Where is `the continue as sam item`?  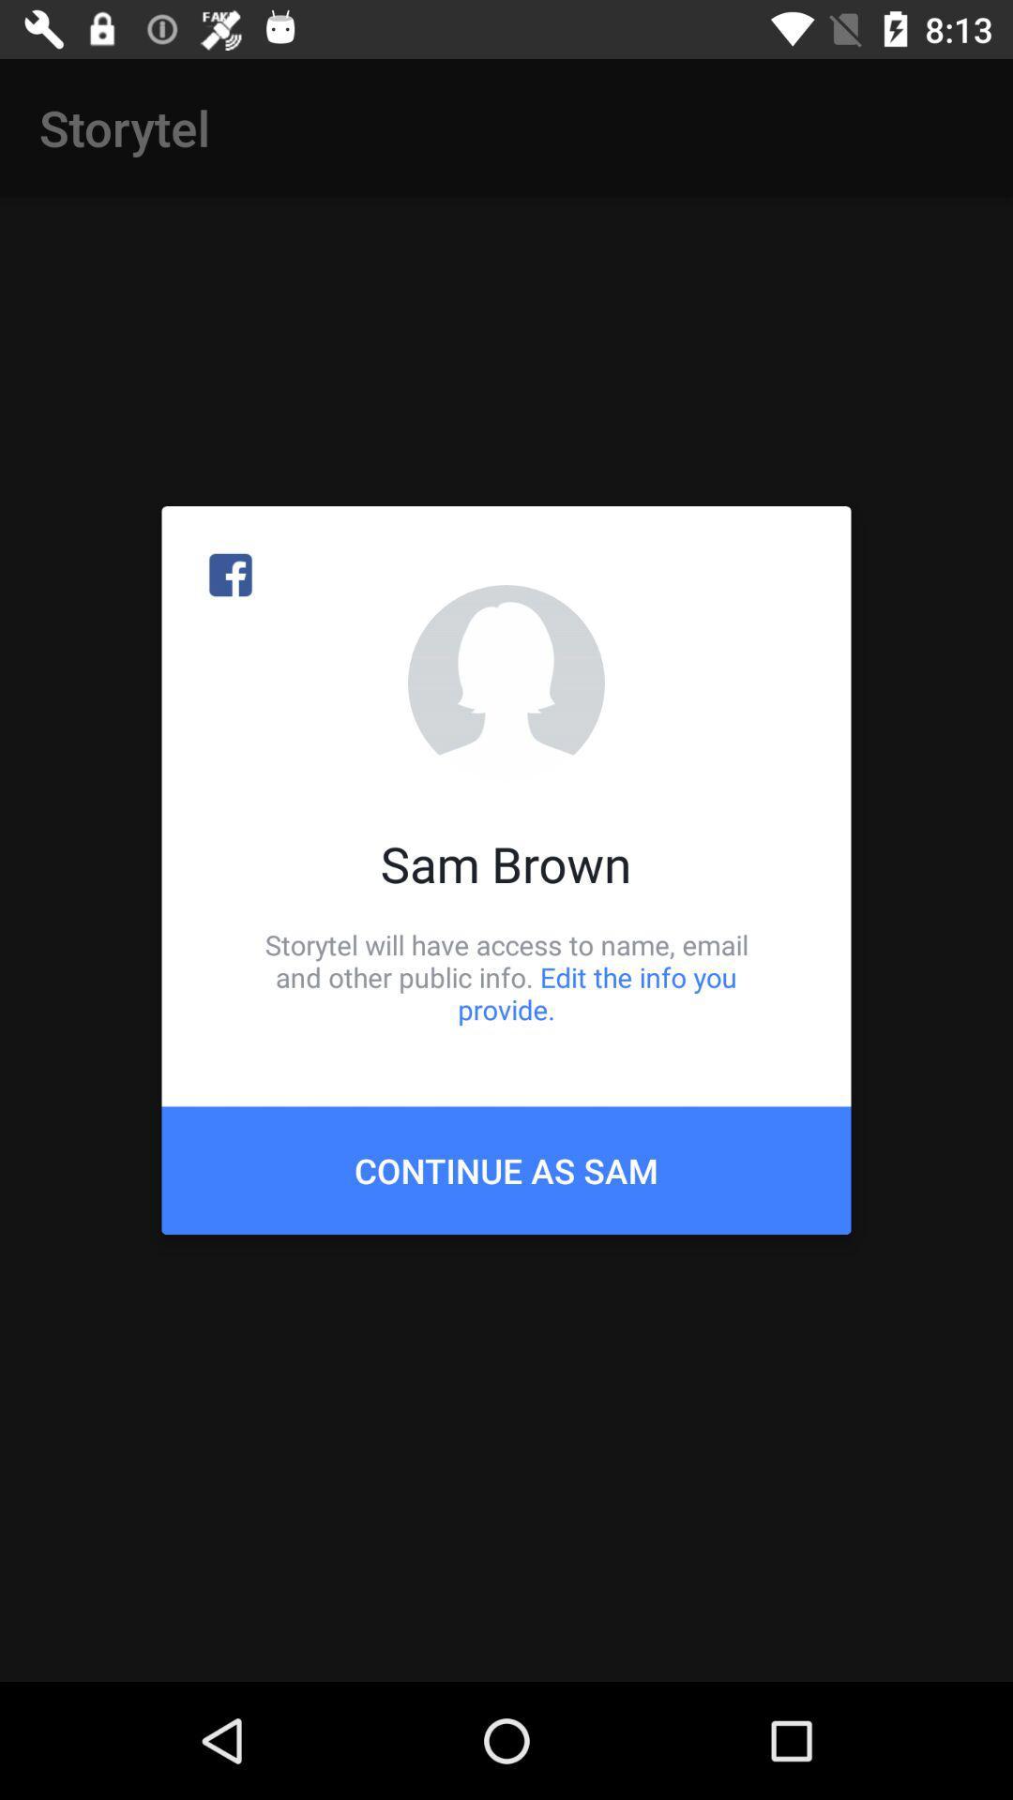 the continue as sam item is located at coordinates (506, 1169).